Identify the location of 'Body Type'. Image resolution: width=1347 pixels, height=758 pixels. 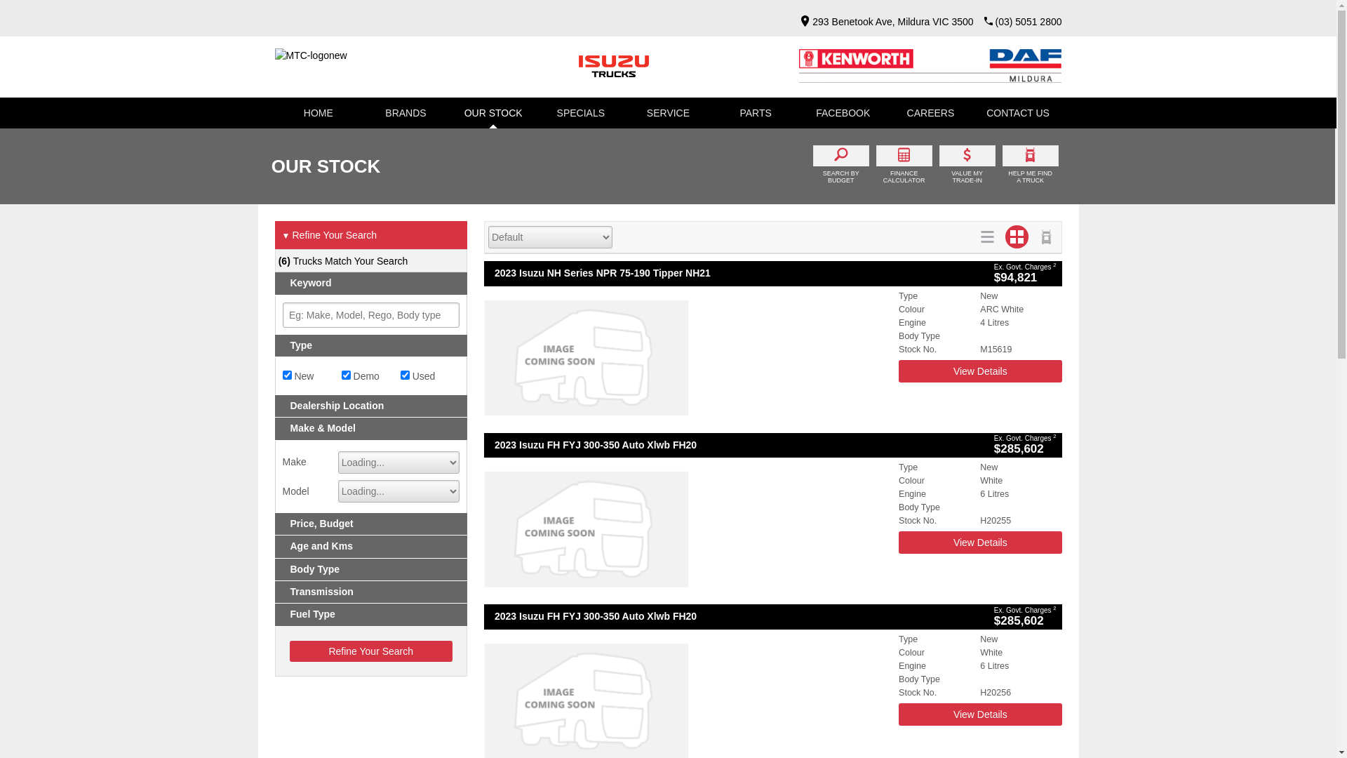
(371, 569).